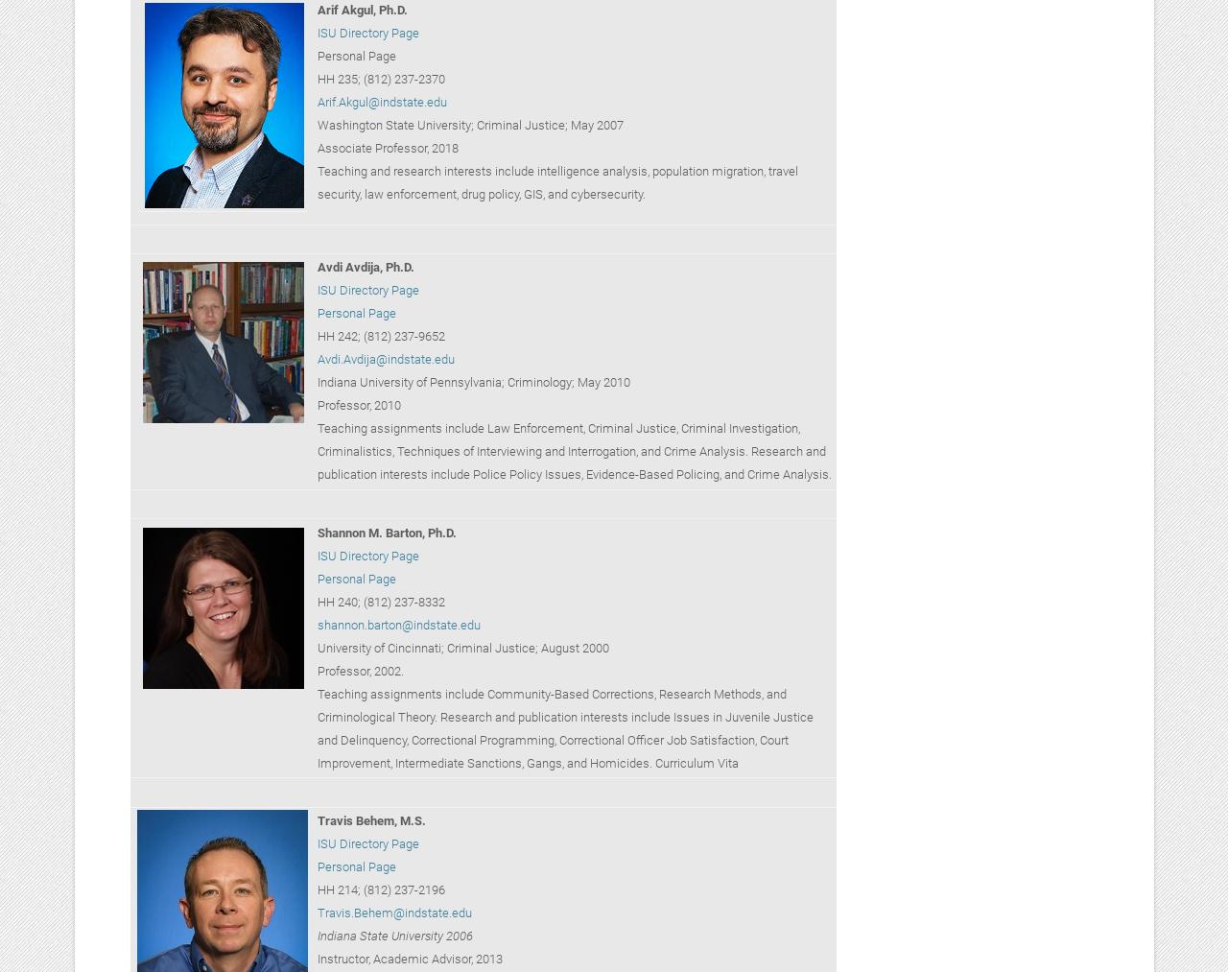  What do you see at coordinates (380, 78) in the screenshot?
I see `'HH 235; (812) 237-2370'` at bounding box center [380, 78].